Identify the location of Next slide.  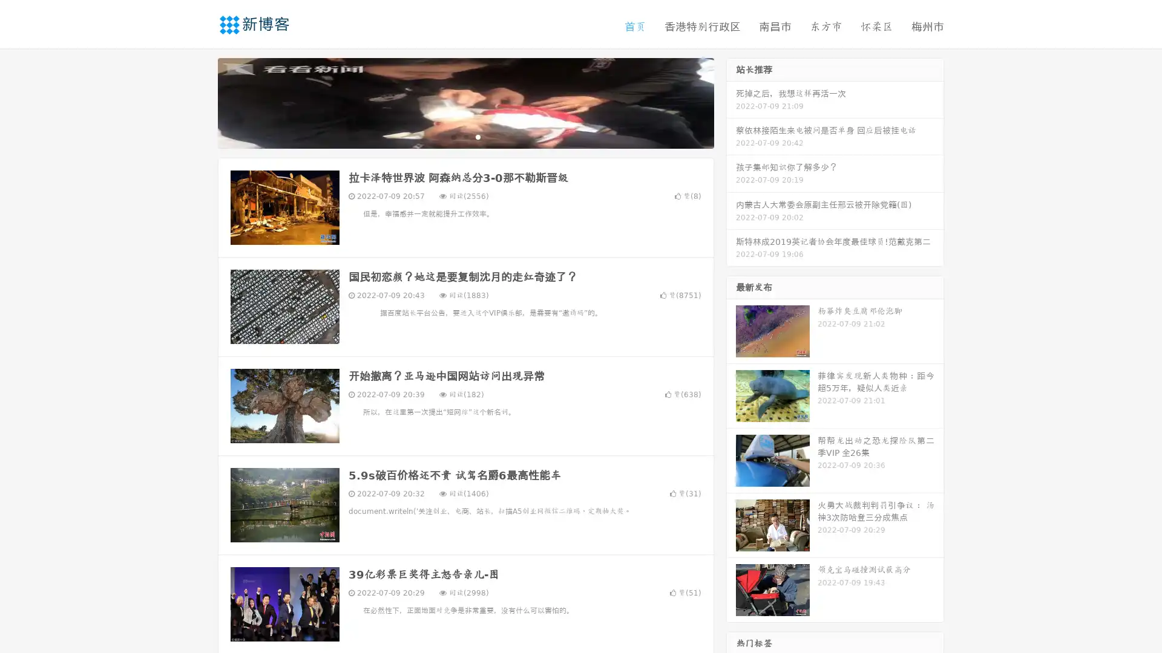
(731, 102).